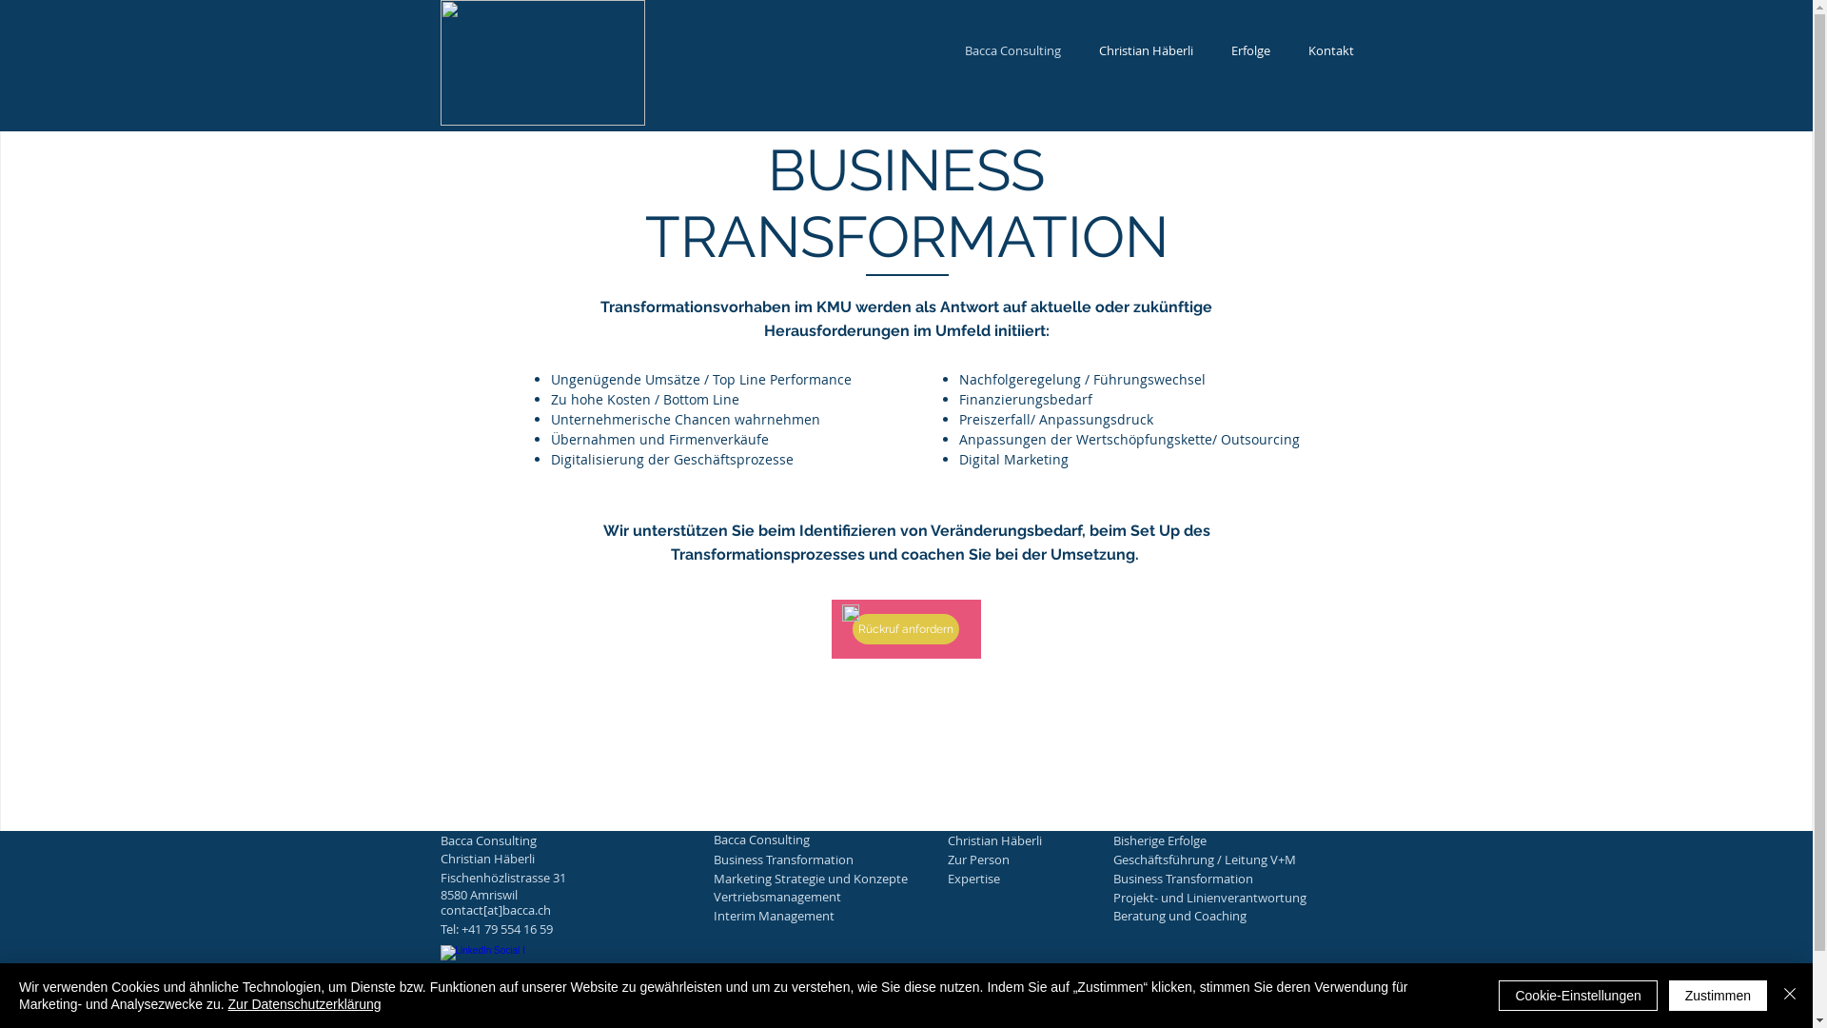  Describe the element at coordinates (712, 896) in the screenshot. I see `'Vertriebsmanagement'` at that location.